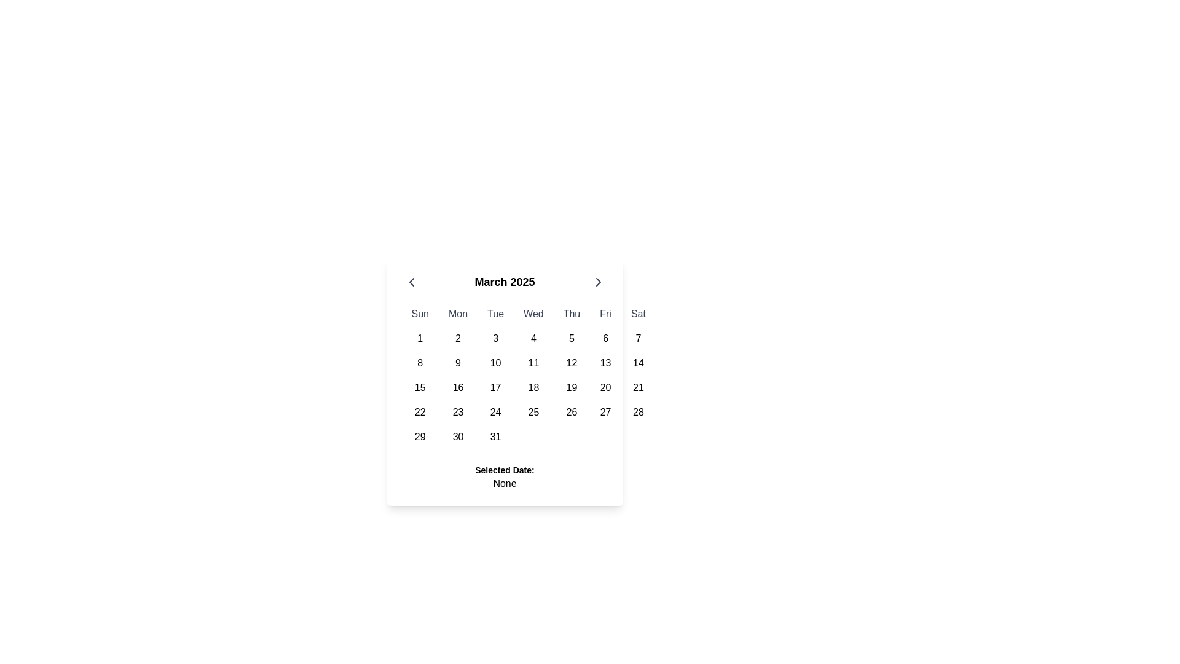 This screenshot has width=1180, height=664. Describe the element at coordinates (420, 413) in the screenshot. I see `the date '22' button in the March 2025 calendar` at that location.